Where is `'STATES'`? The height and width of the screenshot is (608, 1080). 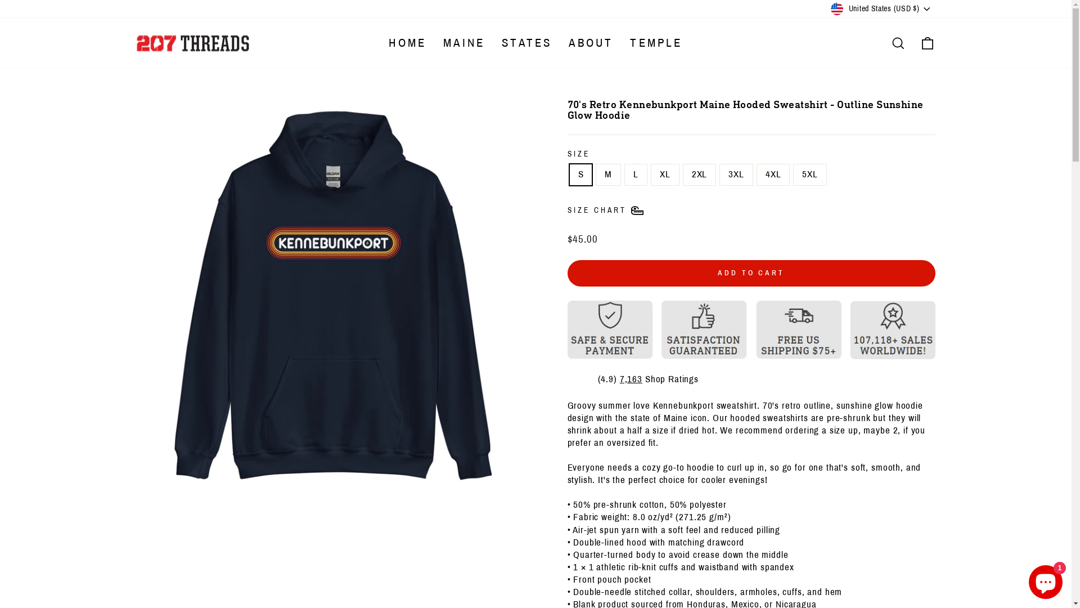 'STATES' is located at coordinates (526, 43).